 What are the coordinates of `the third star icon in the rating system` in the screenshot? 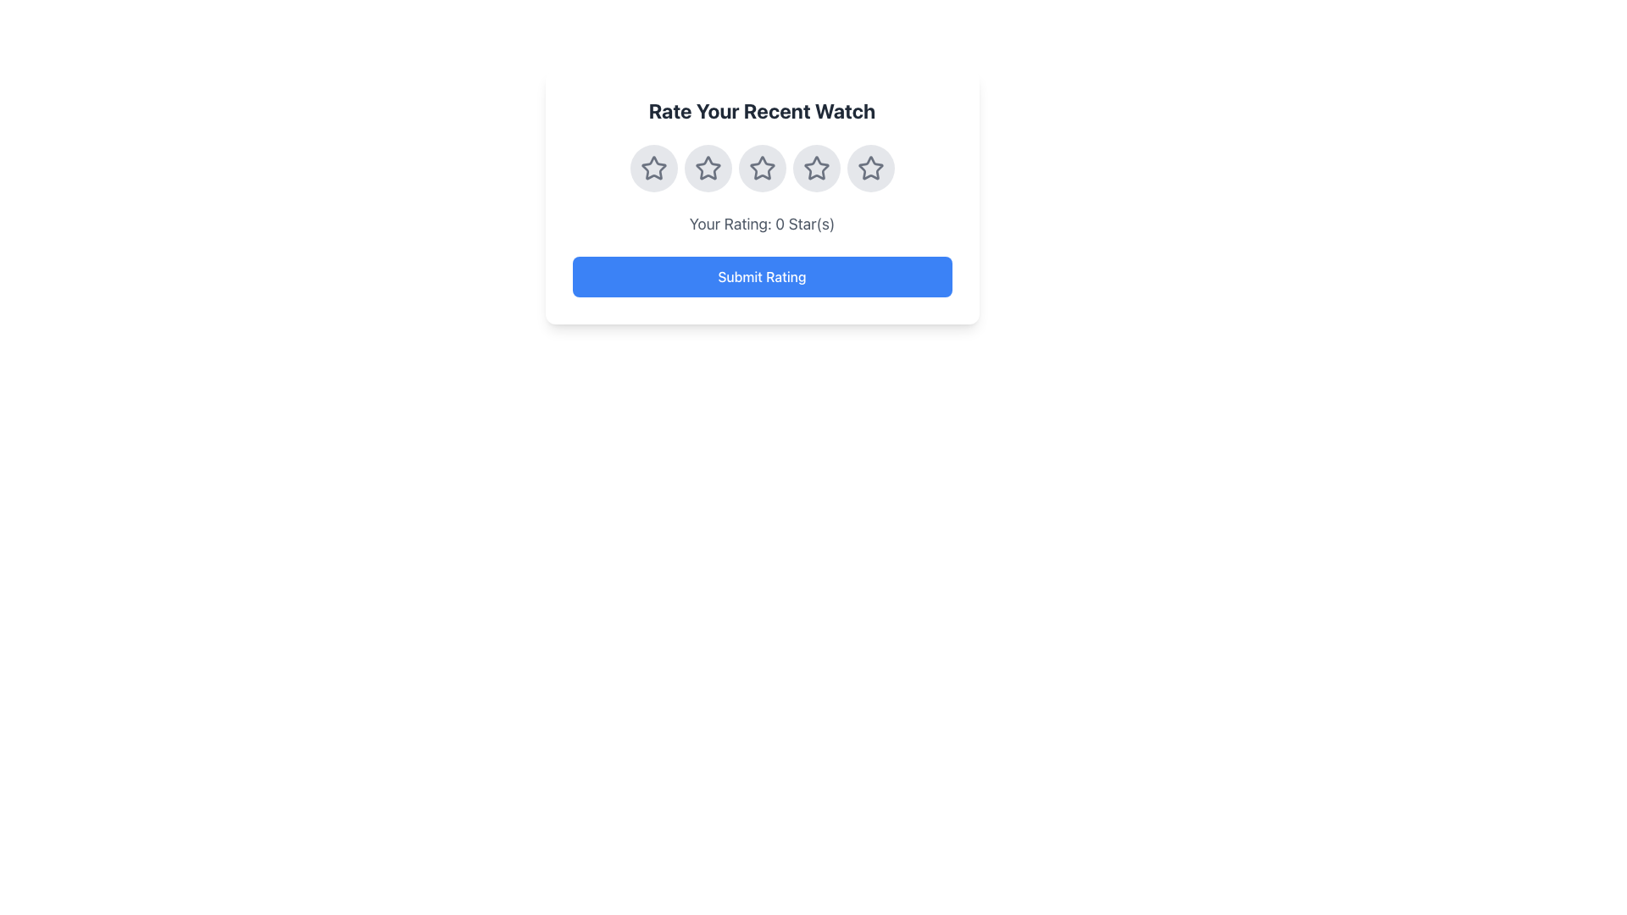 It's located at (761, 169).